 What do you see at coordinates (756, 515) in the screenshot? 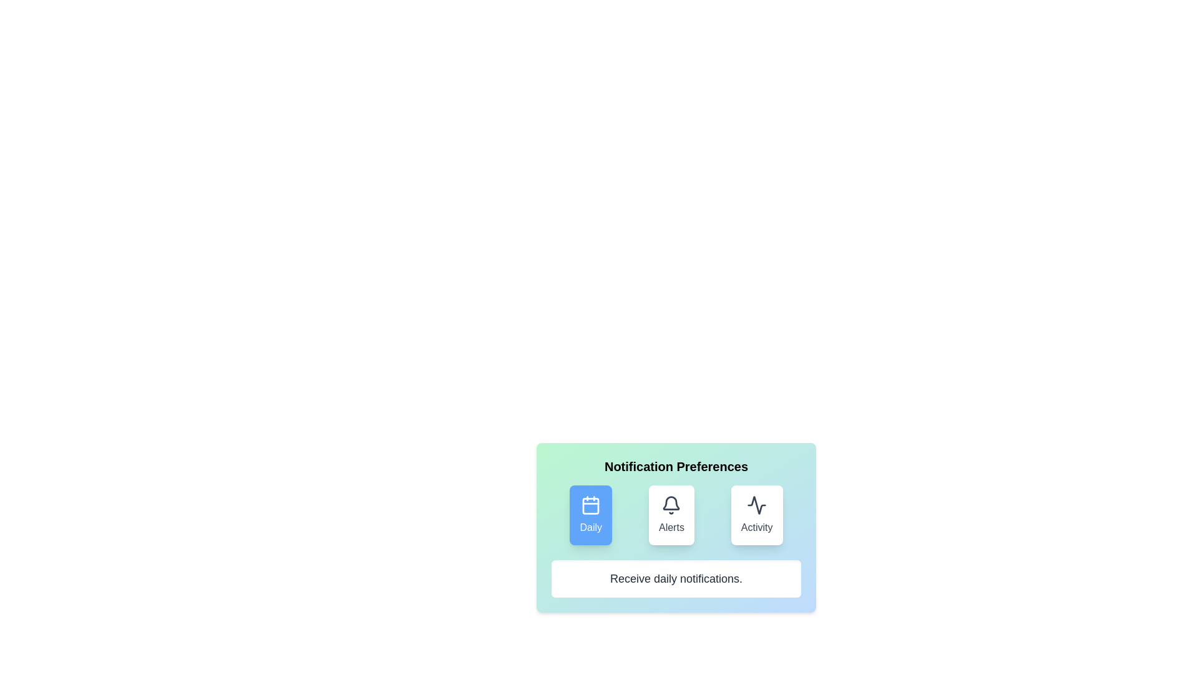
I see `the Activity button to change the notification type` at bounding box center [756, 515].